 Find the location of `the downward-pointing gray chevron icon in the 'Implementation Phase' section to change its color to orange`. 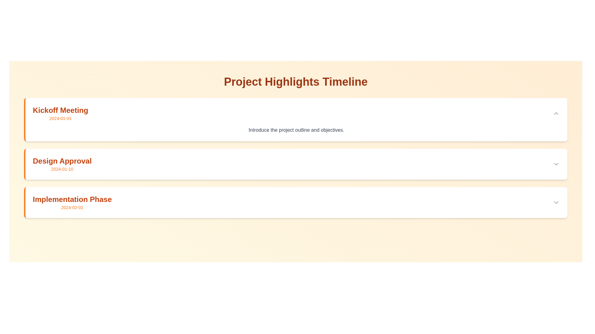

the downward-pointing gray chevron icon in the 'Implementation Phase' section to change its color to orange is located at coordinates (556, 203).